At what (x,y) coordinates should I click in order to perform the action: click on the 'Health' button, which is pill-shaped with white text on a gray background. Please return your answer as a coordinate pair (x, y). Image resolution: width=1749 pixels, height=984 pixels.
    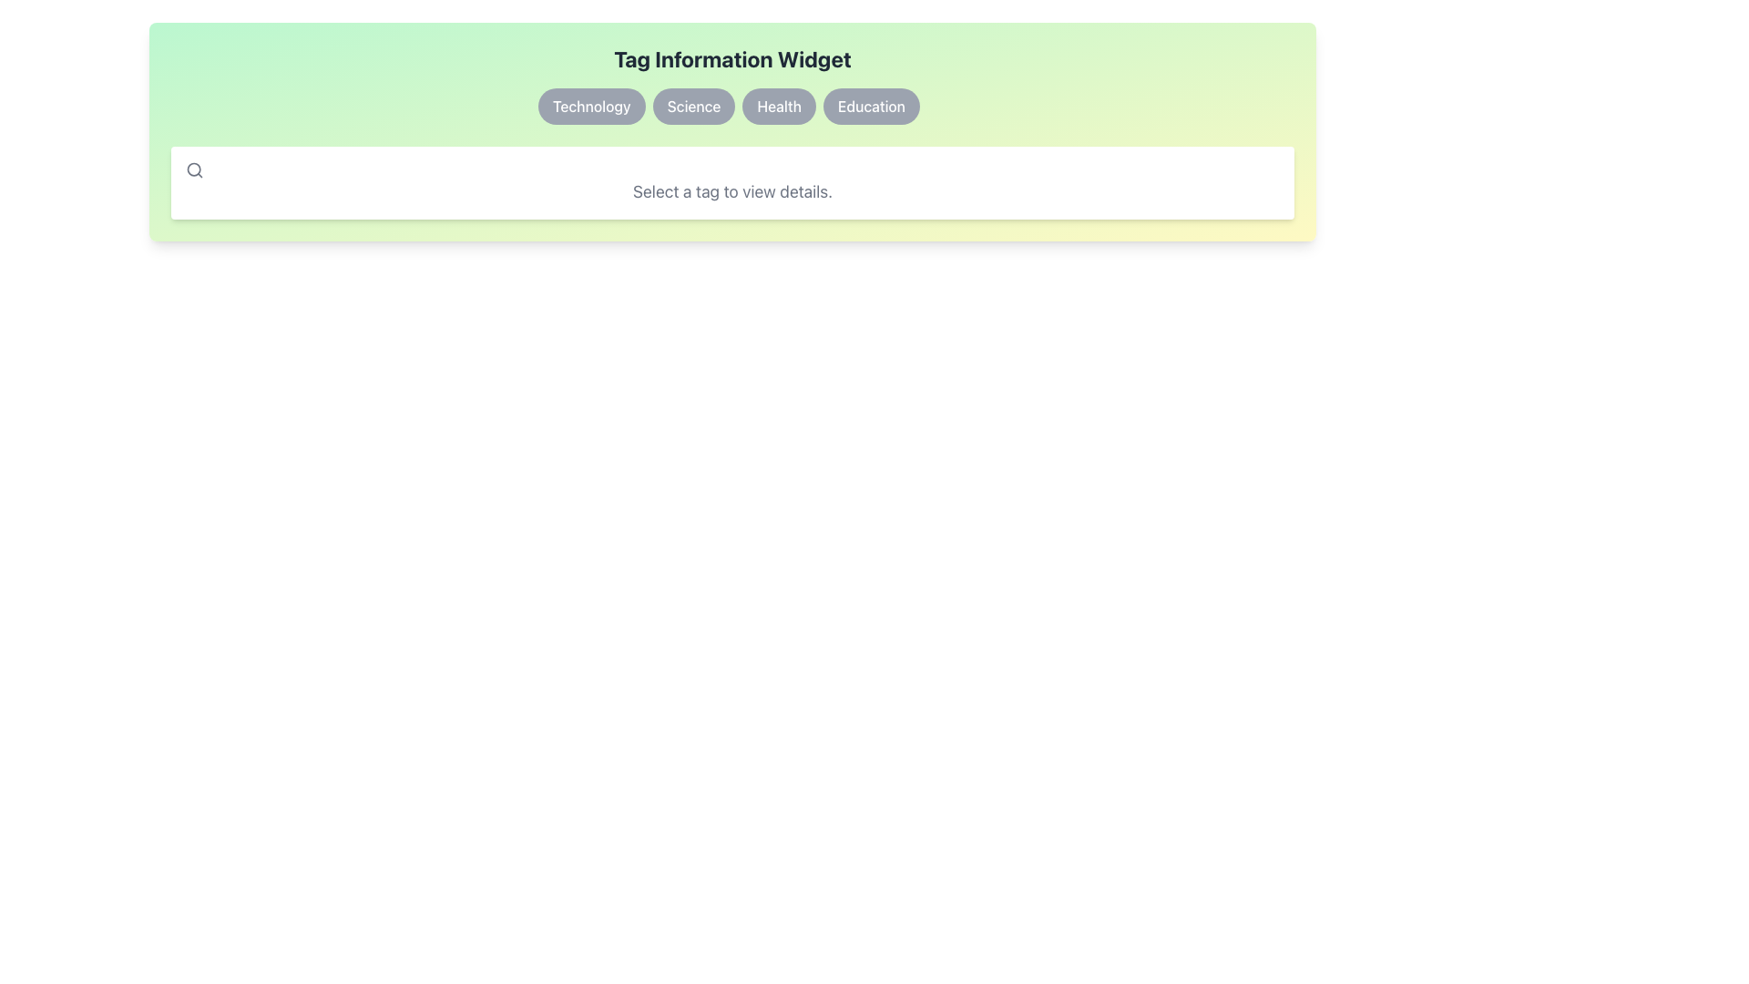
    Looking at the image, I should click on (779, 106).